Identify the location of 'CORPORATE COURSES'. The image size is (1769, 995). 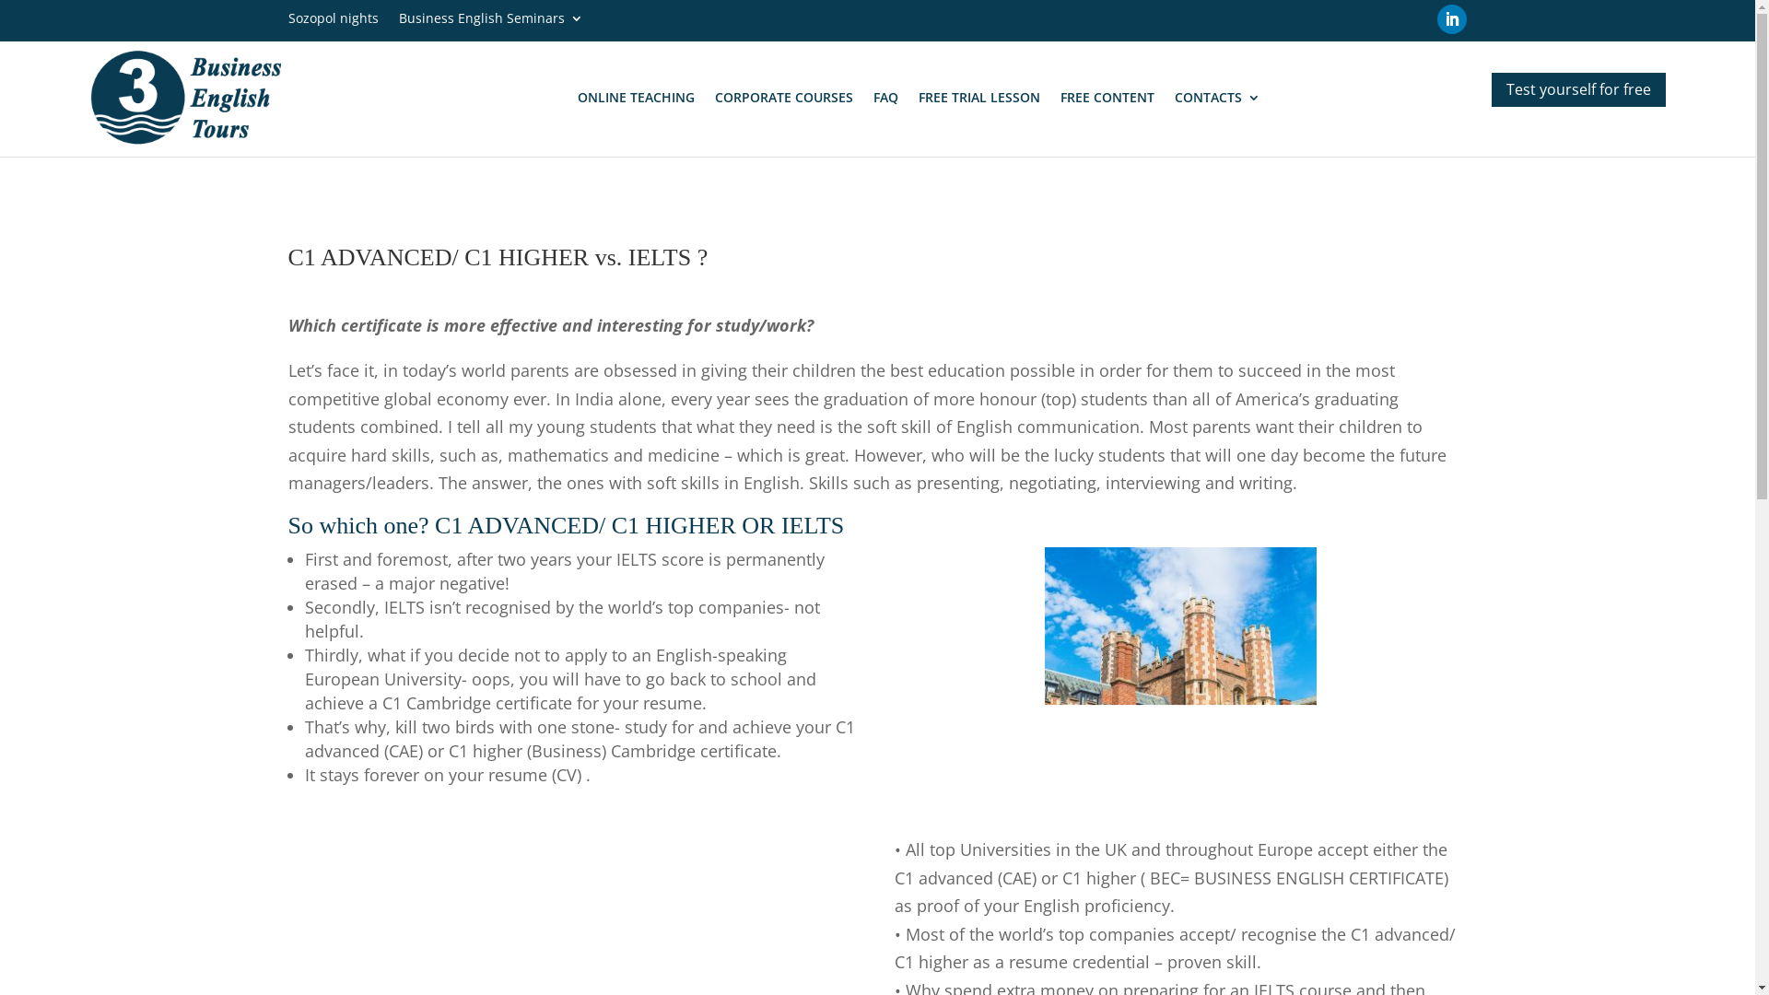
(783, 97).